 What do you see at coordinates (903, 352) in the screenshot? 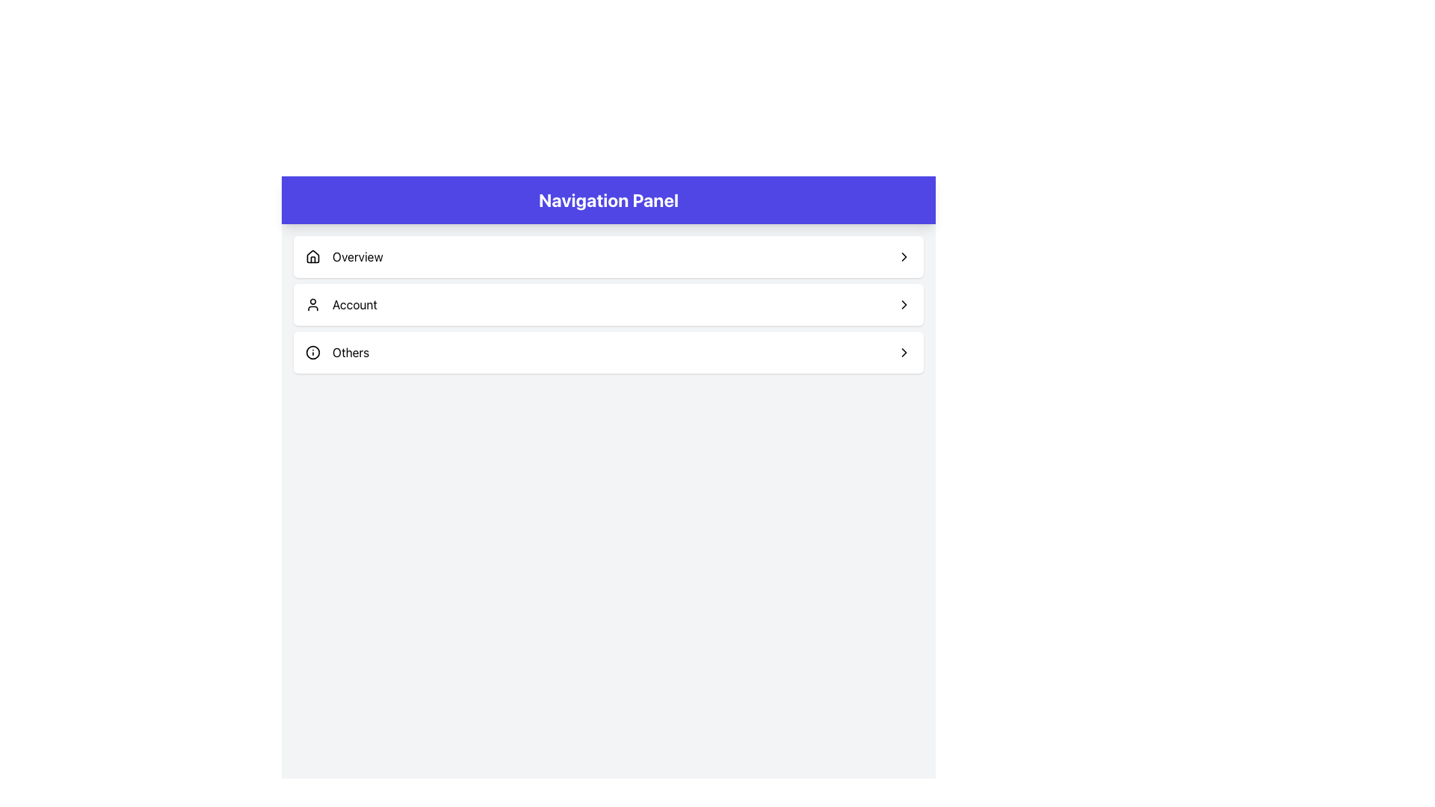
I see `the chevron icon located to the far-right of the 'Others' navigation option` at bounding box center [903, 352].